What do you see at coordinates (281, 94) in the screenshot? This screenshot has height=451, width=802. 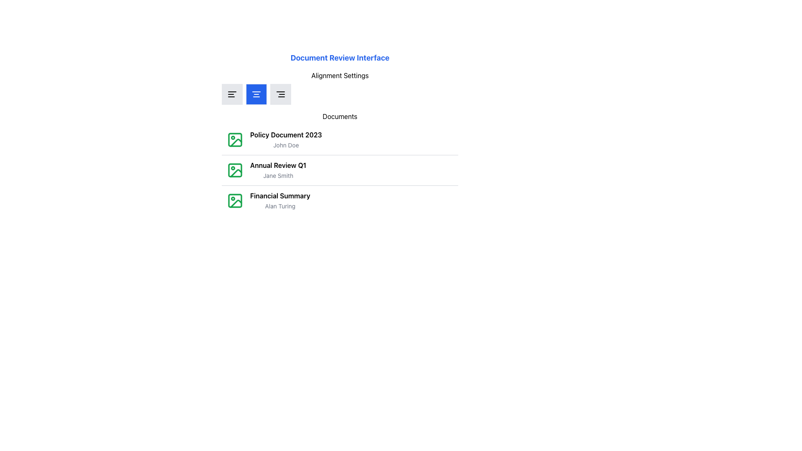 I see `the right alignment icon located below the 'Alignment Settings' section to apply right alignment to the content` at bounding box center [281, 94].